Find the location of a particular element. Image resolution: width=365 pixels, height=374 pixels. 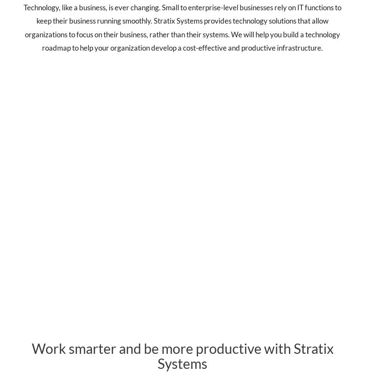

'Downtime is unproductive. It has bottom-line impact. Stratix Systems is here to help.' is located at coordinates (303, 195).